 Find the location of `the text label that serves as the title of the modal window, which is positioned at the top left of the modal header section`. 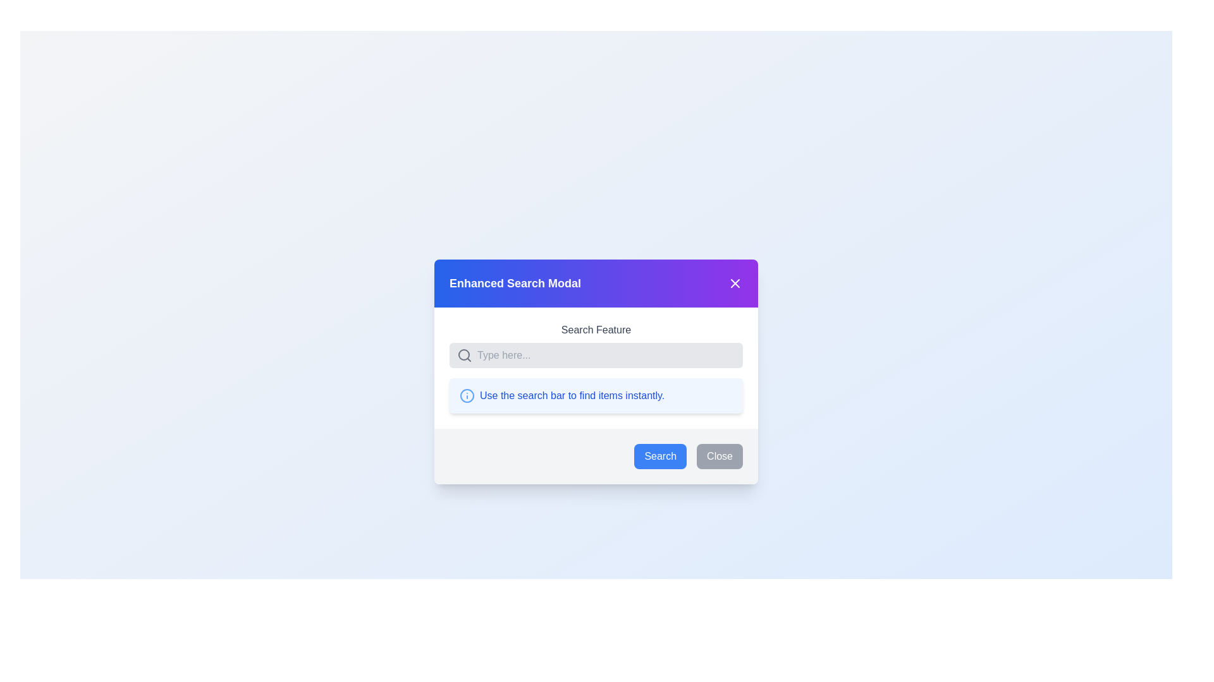

the text label that serves as the title of the modal window, which is positioned at the top left of the modal header section is located at coordinates (515, 282).